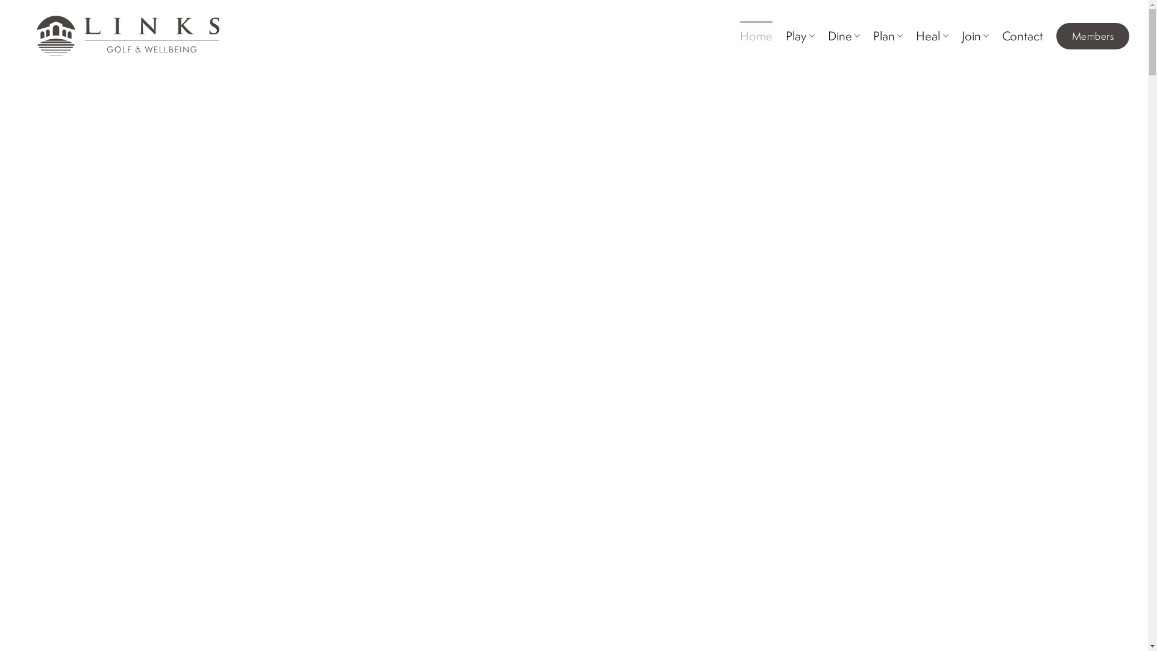  Describe the element at coordinates (1093, 36) in the screenshot. I see `'Members'` at that location.